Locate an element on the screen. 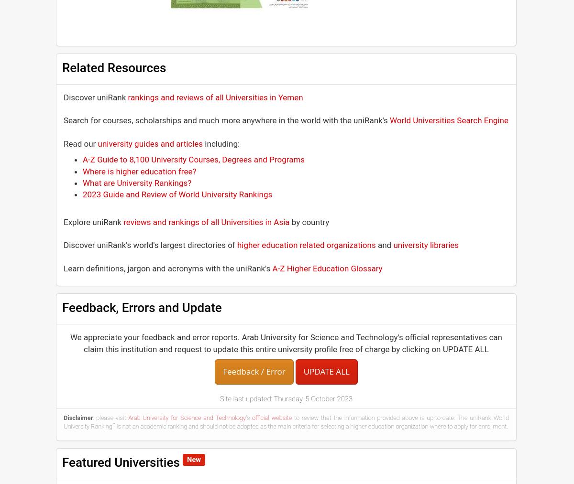 Image resolution: width=574 pixels, height=484 pixels. 'higher education related organizations' is located at coordinates (236, 245).